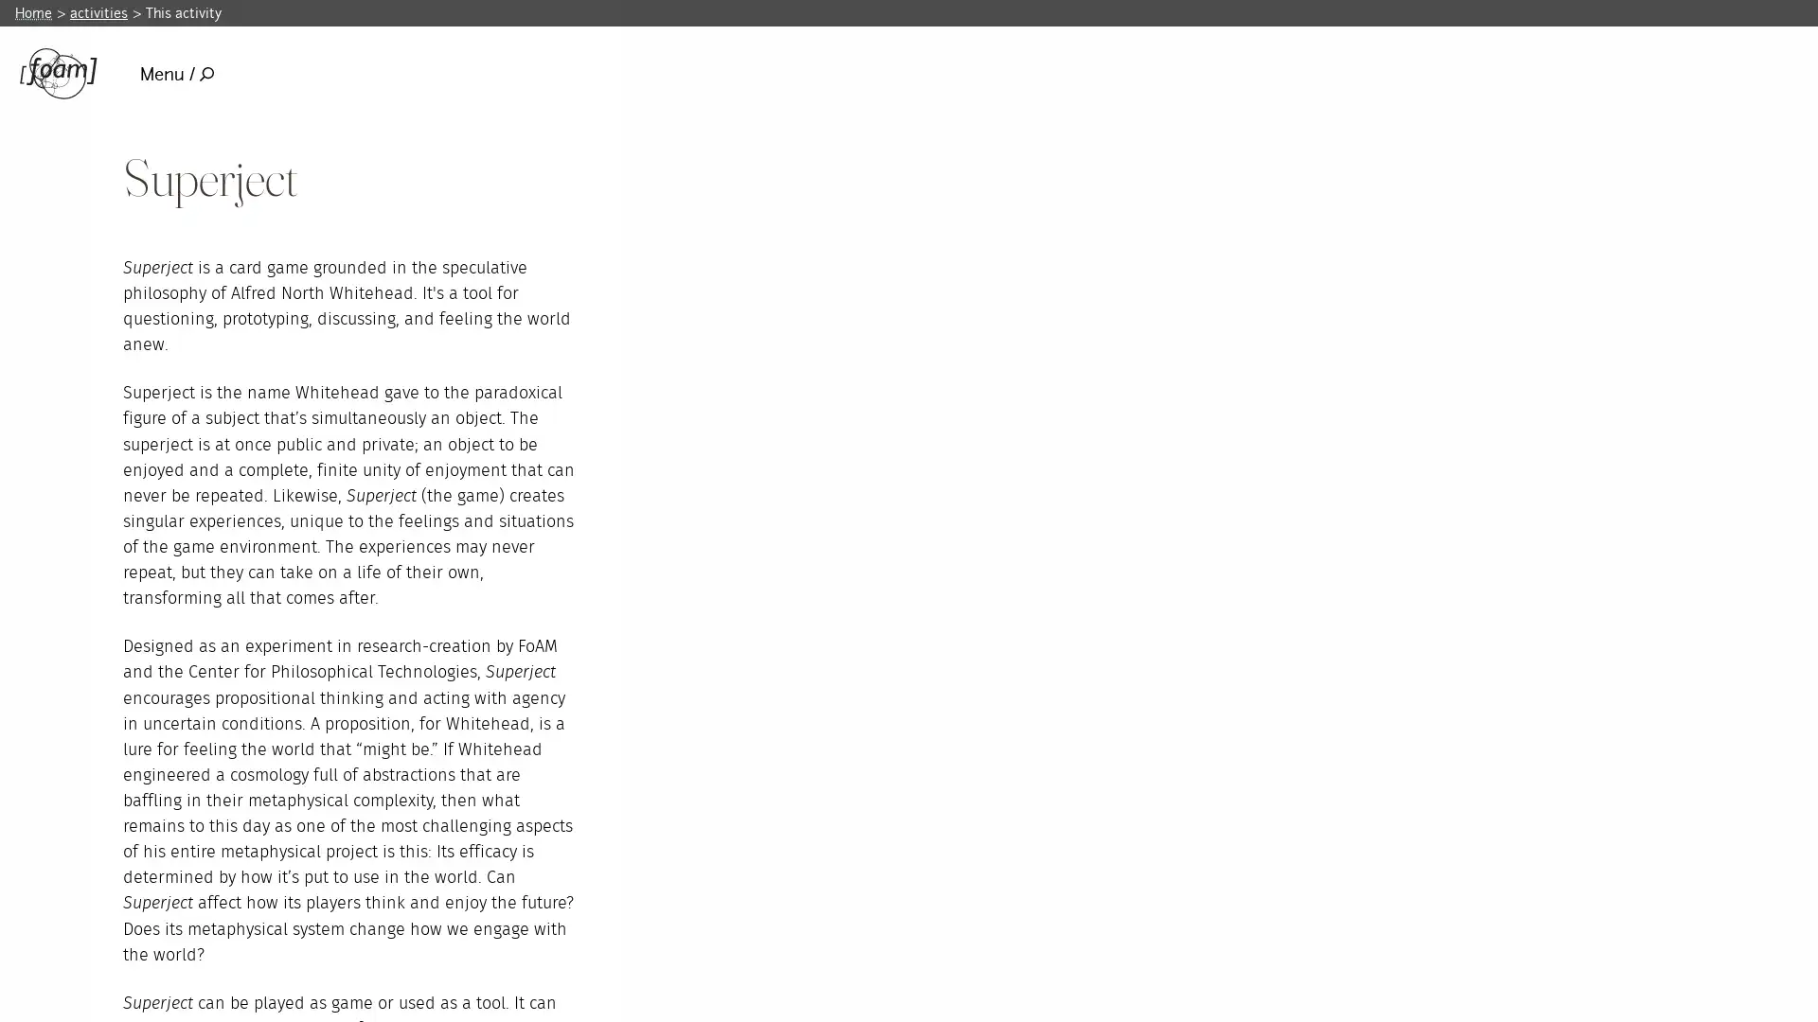  What do you see at coordinates (176, 73) in the screenshot?
I see `Menu /` at bounding box center [176, 73].